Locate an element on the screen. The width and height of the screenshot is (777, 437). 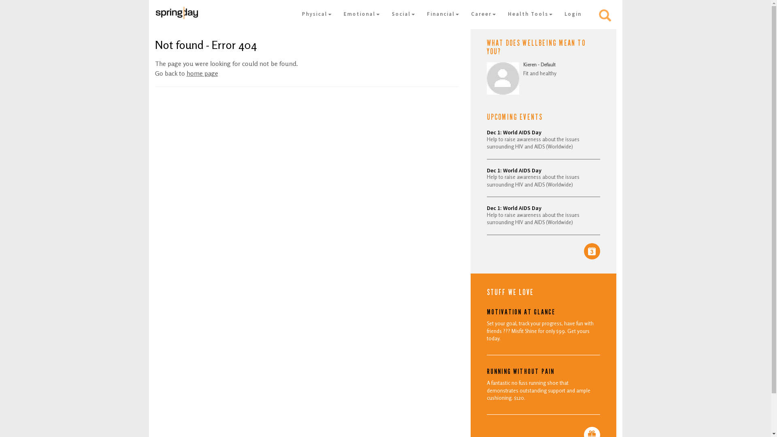
'Login' is located at coordinates (573, 14).